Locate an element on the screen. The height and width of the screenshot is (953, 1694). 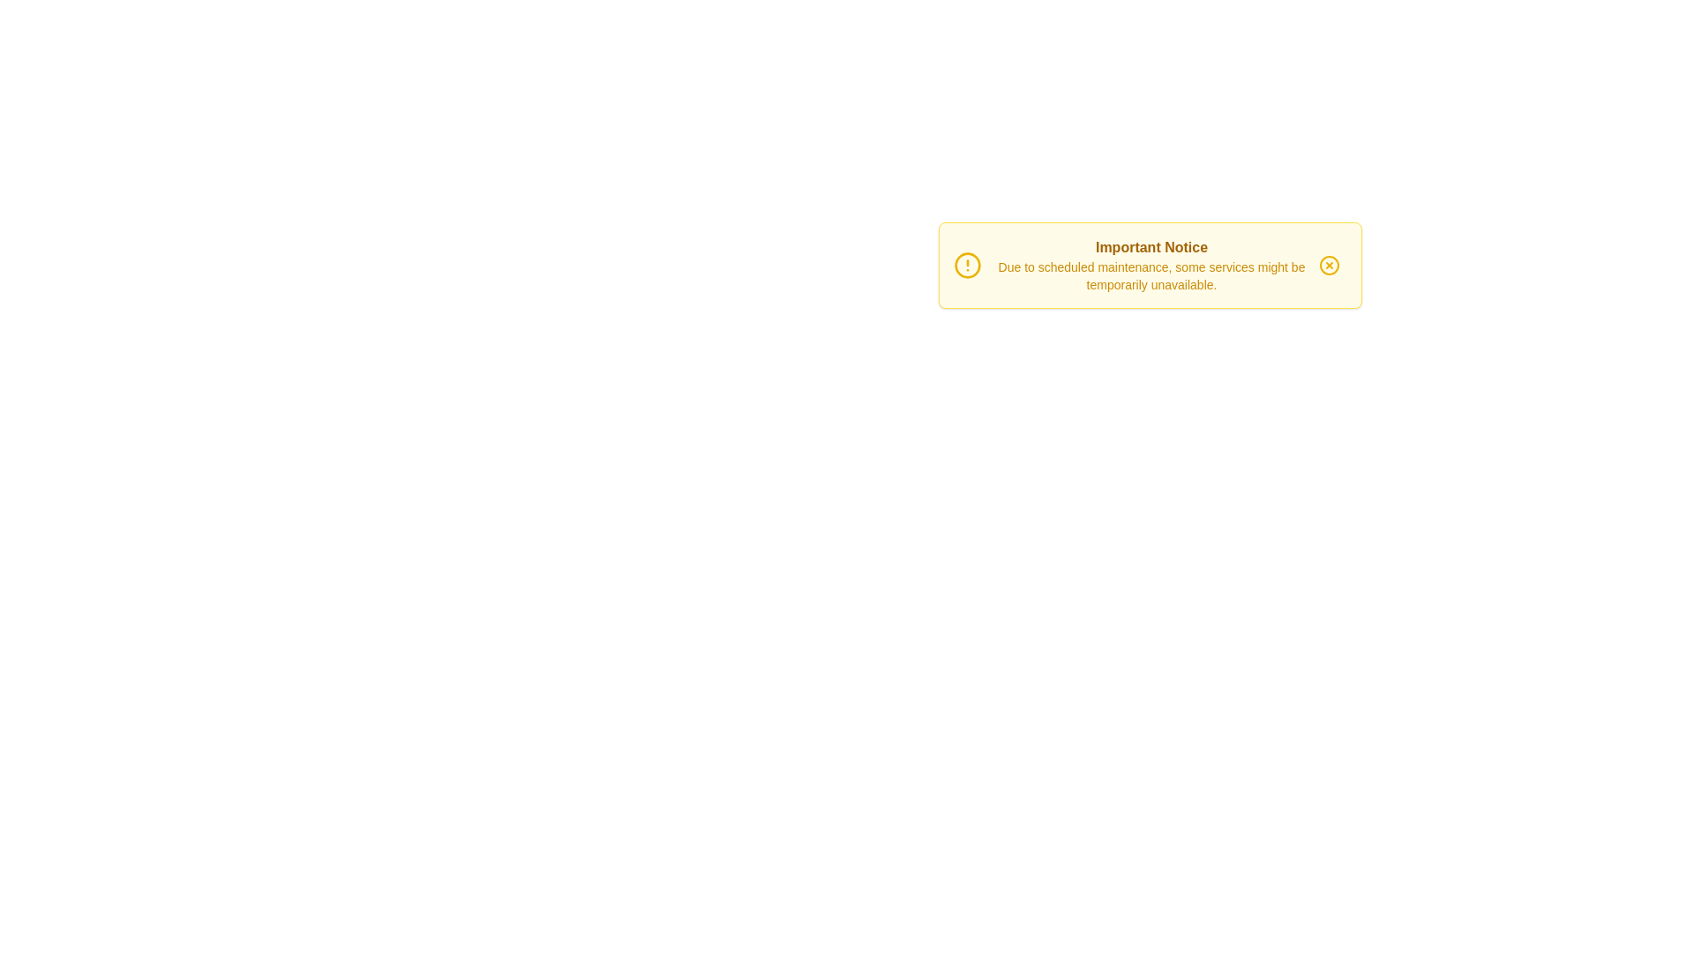
the 'Important Notice' text to select it is located at coordinates (1151, 248).